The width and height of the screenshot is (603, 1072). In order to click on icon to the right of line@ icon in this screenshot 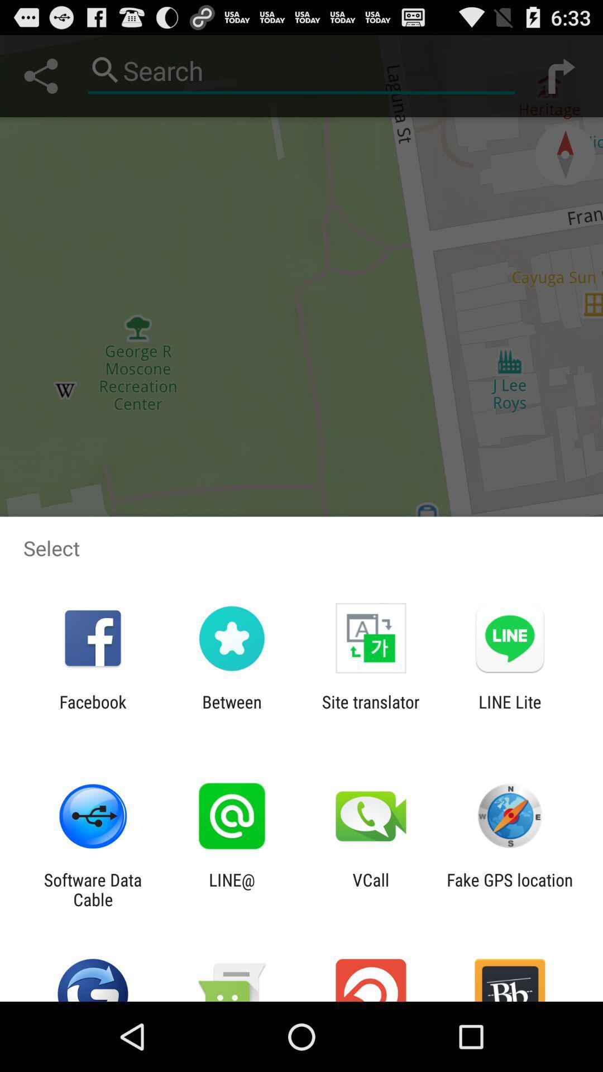, I will do `click(371, 889)`.